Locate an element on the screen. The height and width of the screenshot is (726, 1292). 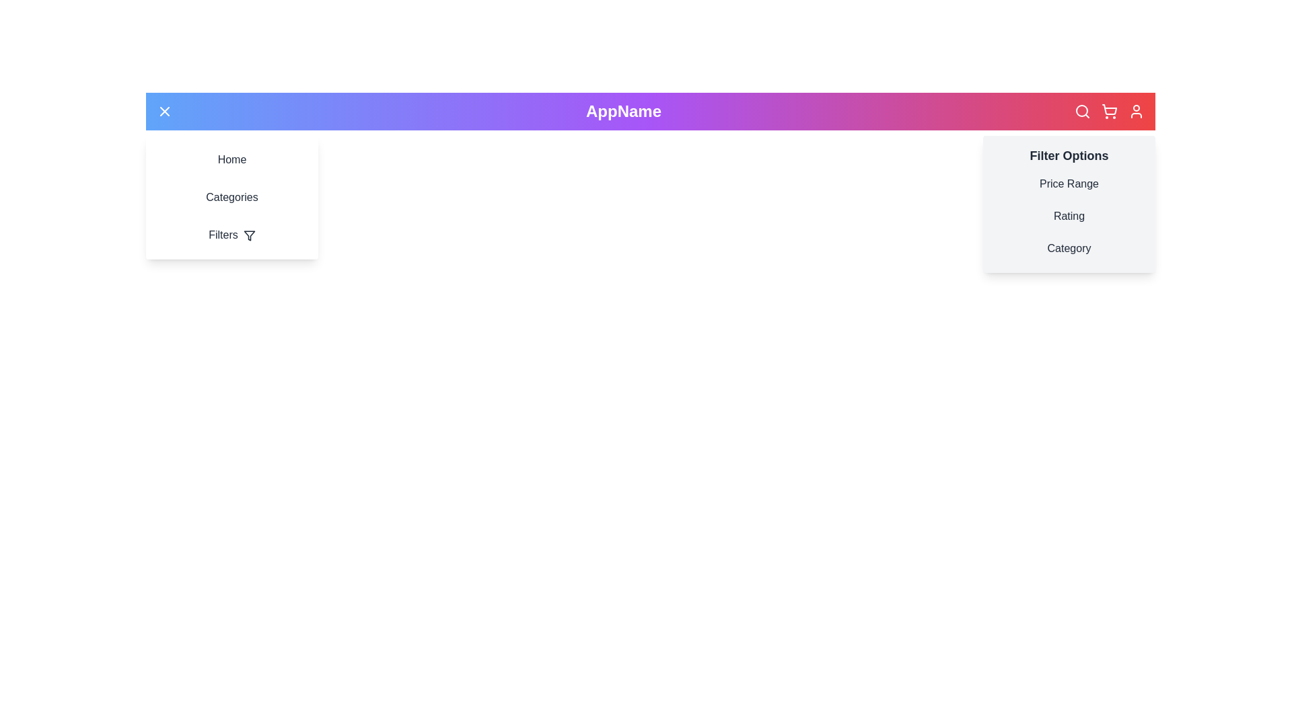
the 'Rating' text label which is the second item in the 'Filter Options' list, positioned between 'Price Range' and 'Category' is located at coordinates (1068, 215).